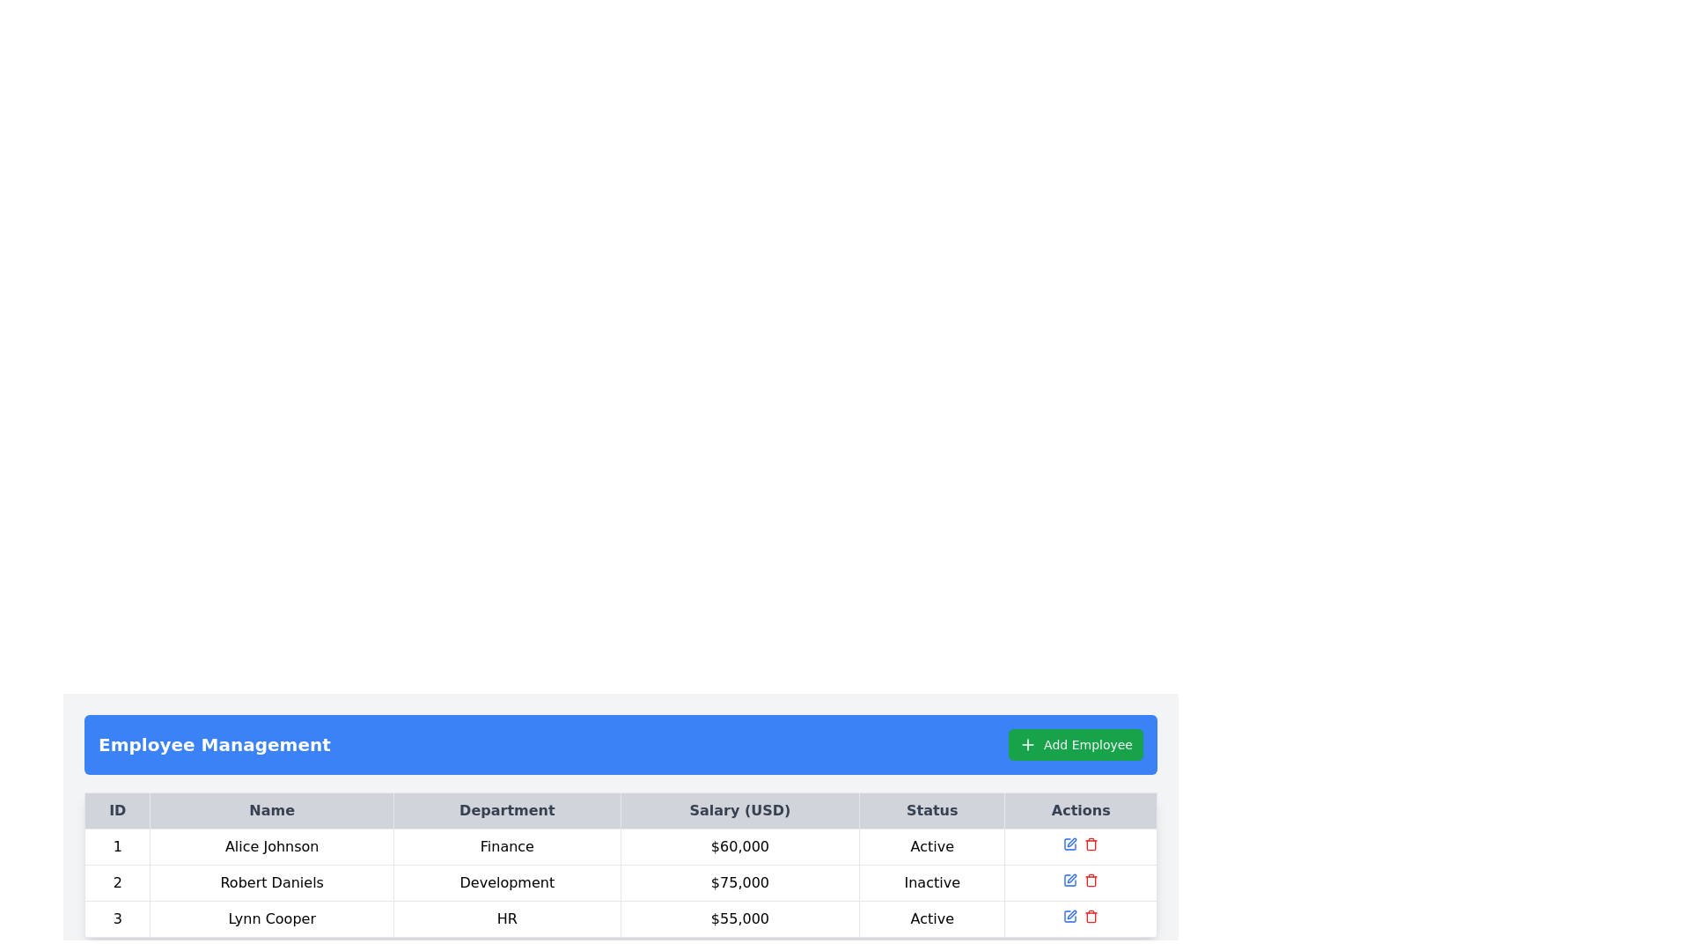 This screenshot has width=1690, height=951. I want to click on the read-only text display that presents the salary of the individual in the fourth column of the first row within a data table, so click(739, 845).